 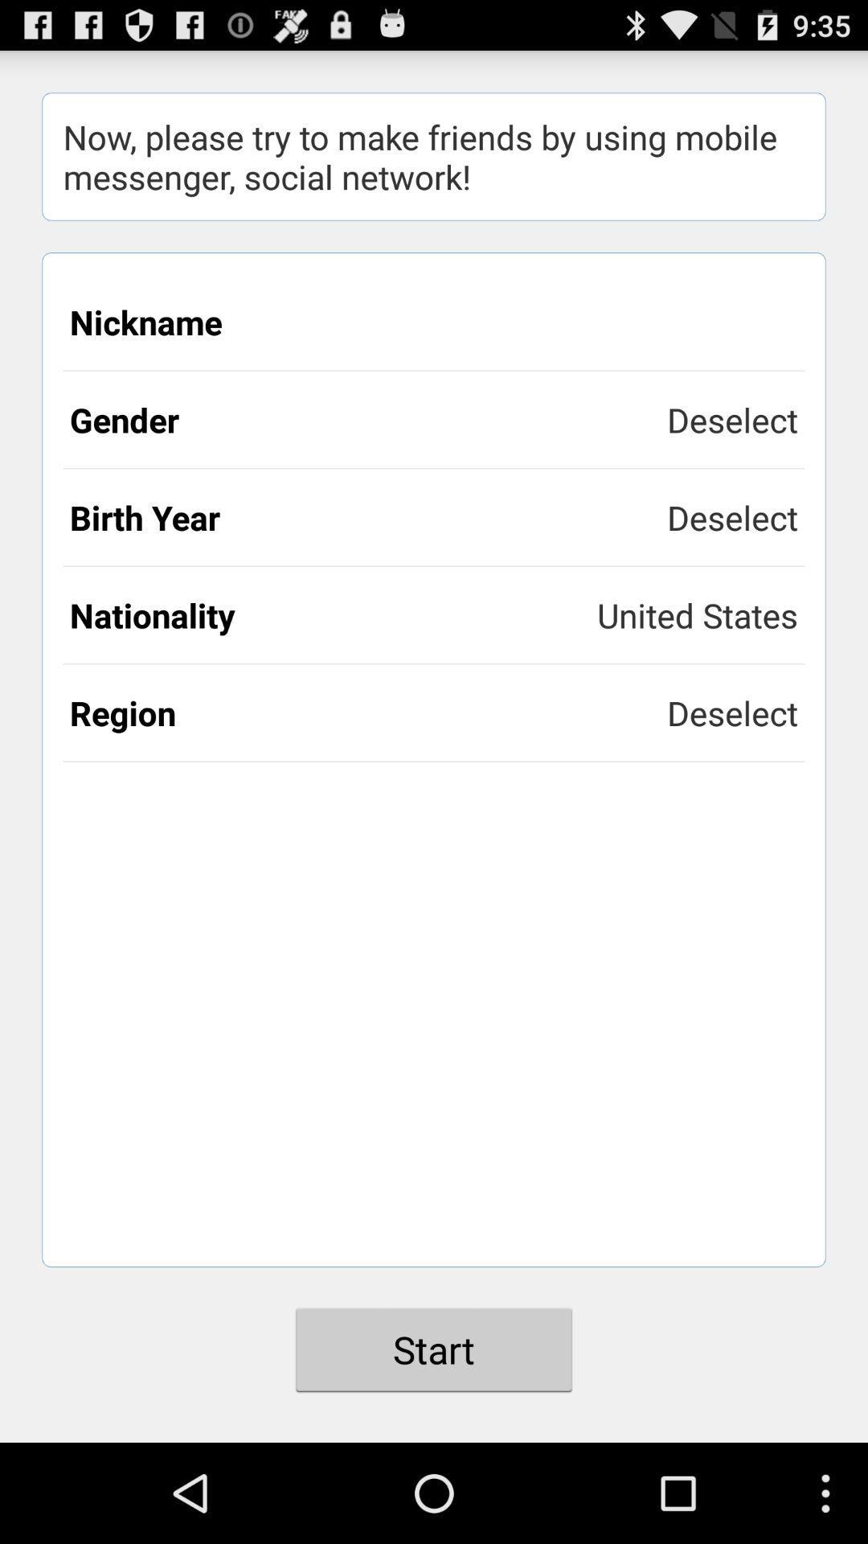 I want to click on icon to the left of deselect, so click(x=368, y=517).